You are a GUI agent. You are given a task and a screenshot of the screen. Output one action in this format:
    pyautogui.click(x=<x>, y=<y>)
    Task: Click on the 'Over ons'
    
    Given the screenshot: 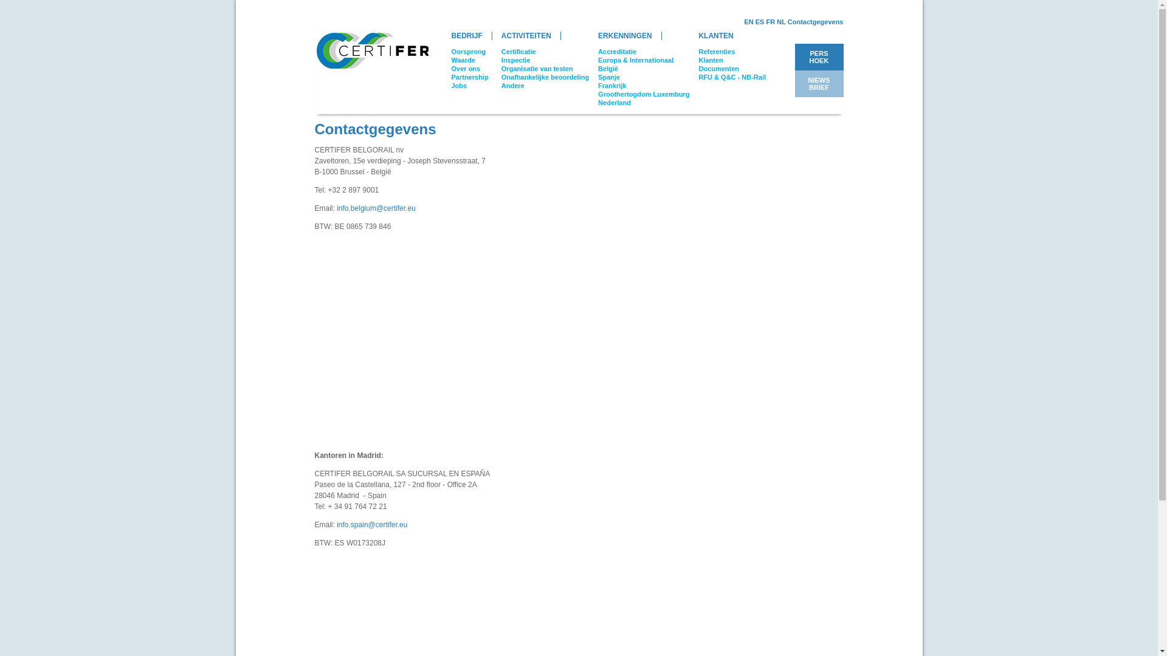 What is the action you would take?
    pyautogui.click(x=465, y=68)
    